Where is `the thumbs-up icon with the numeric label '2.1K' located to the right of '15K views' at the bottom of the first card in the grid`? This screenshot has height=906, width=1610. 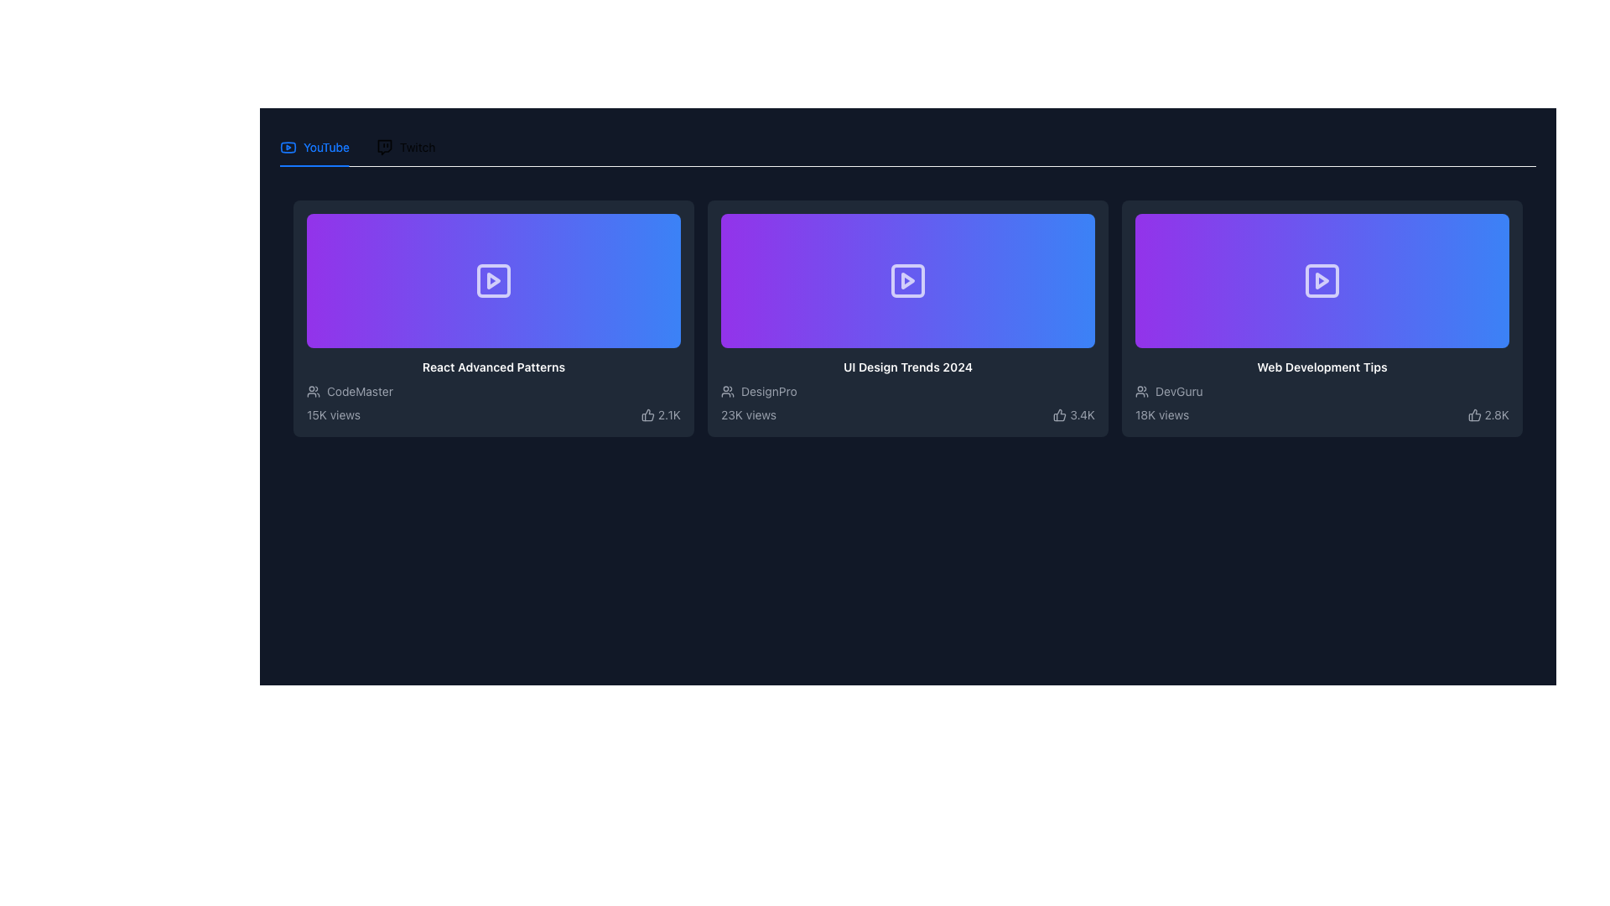
the thumbs-up icon with the numeric label '2.1K' located to the right of '15K views' at the bottom of the first card in the grid is located at coordinates (660, 414).